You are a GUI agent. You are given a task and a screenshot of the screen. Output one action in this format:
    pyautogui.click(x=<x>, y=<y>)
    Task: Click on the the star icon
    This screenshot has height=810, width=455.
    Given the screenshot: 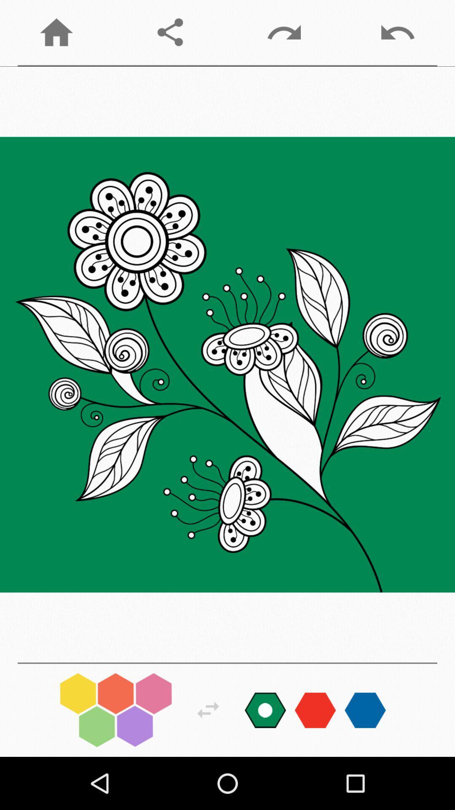 What is the action you would take?
    pyautogui.click(x=365, y=710)
    